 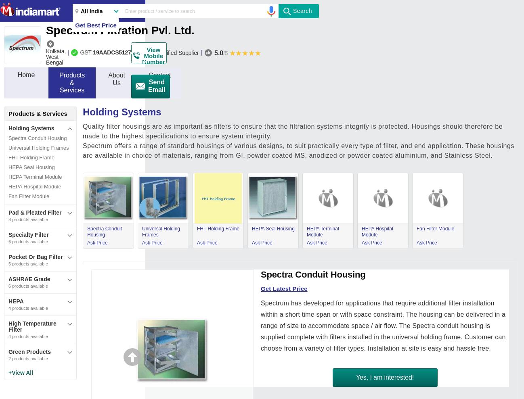 I want to click on '/5', so click(x=222, y=52).